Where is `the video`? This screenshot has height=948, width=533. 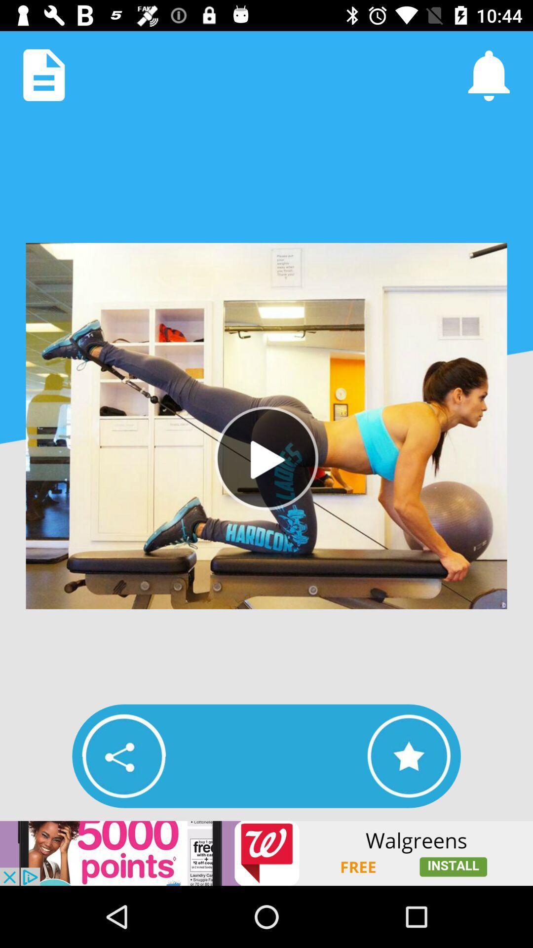
the video is located at coordinates (409, 755).